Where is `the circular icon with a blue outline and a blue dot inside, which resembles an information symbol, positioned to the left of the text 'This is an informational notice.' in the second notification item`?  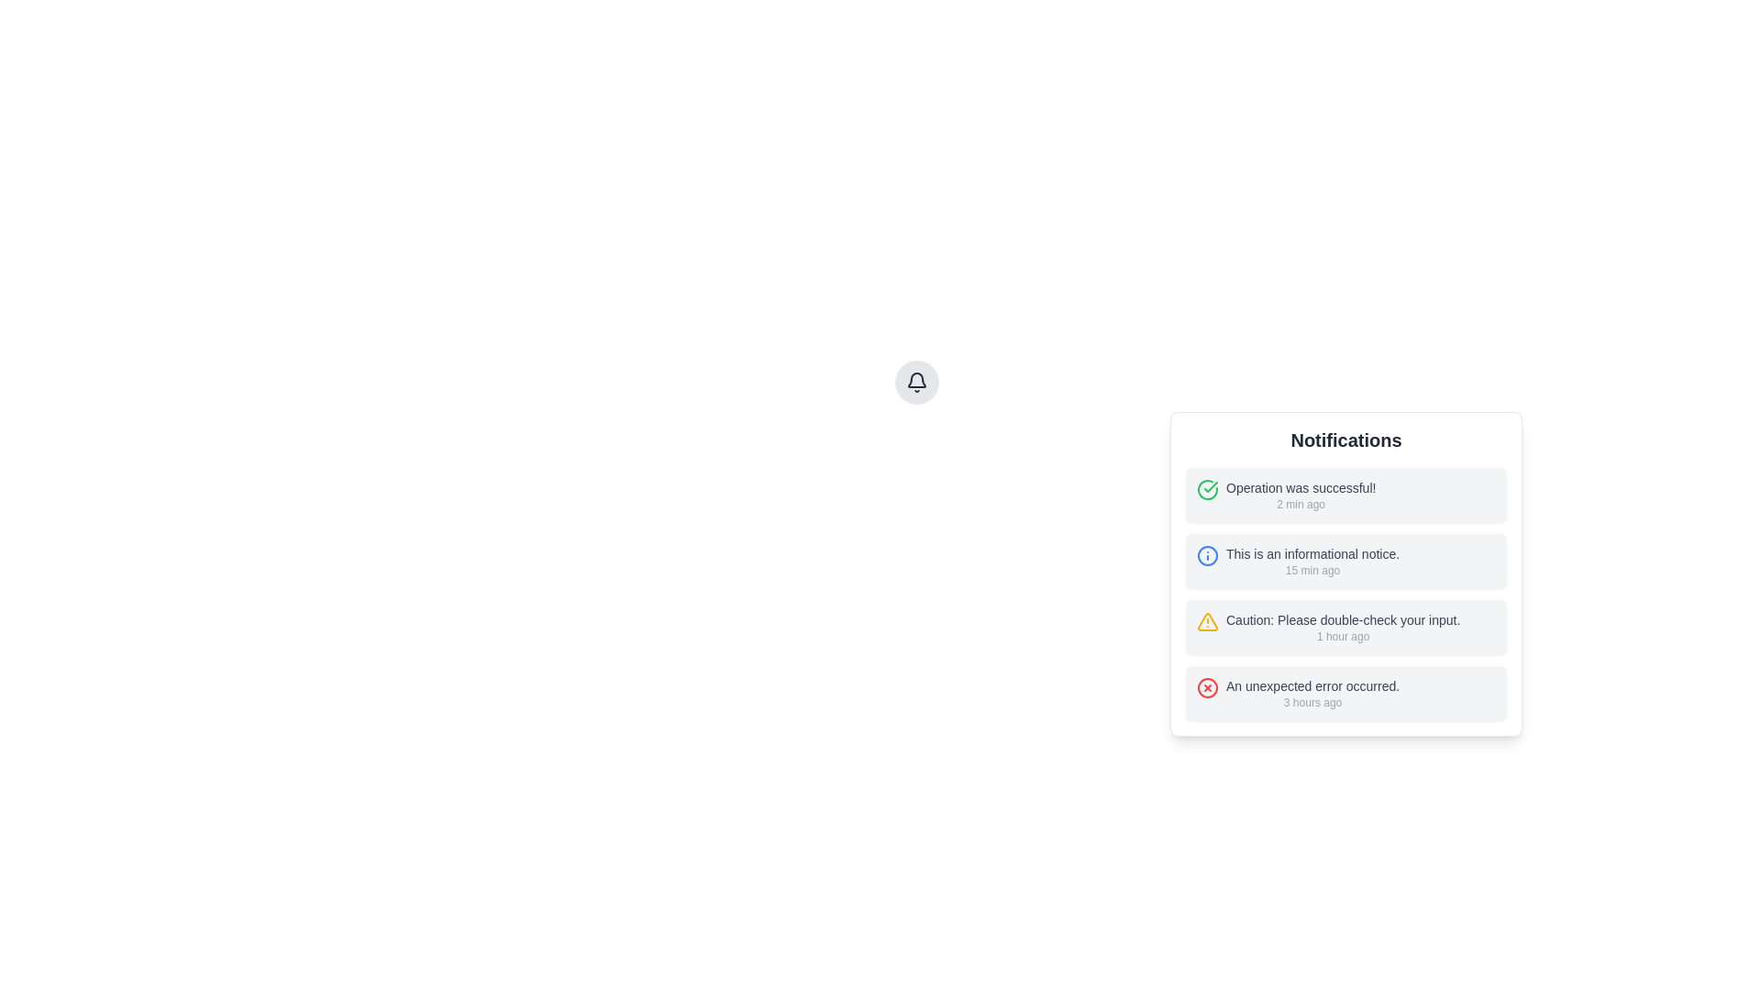
the circular icon with a blue outline and a blue dot inside, which resembles an information symbol, positioned to the left of the text 'This is an informational notice.' in the second notification item is located at coordinates (1207, 554).